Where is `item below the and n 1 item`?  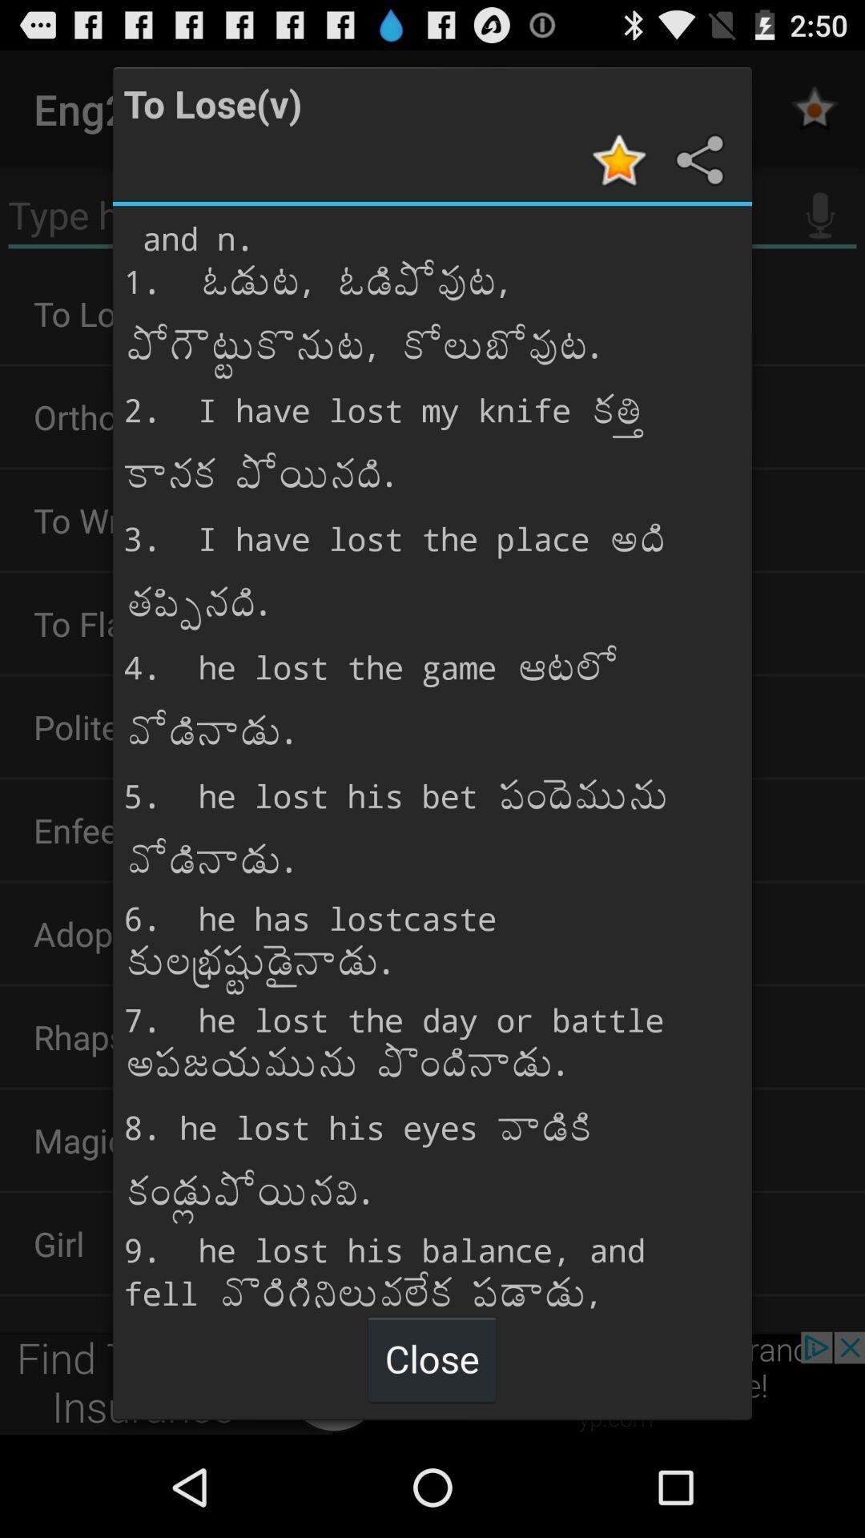
item below the and n 1 item is located at coordinates (431, 1358).